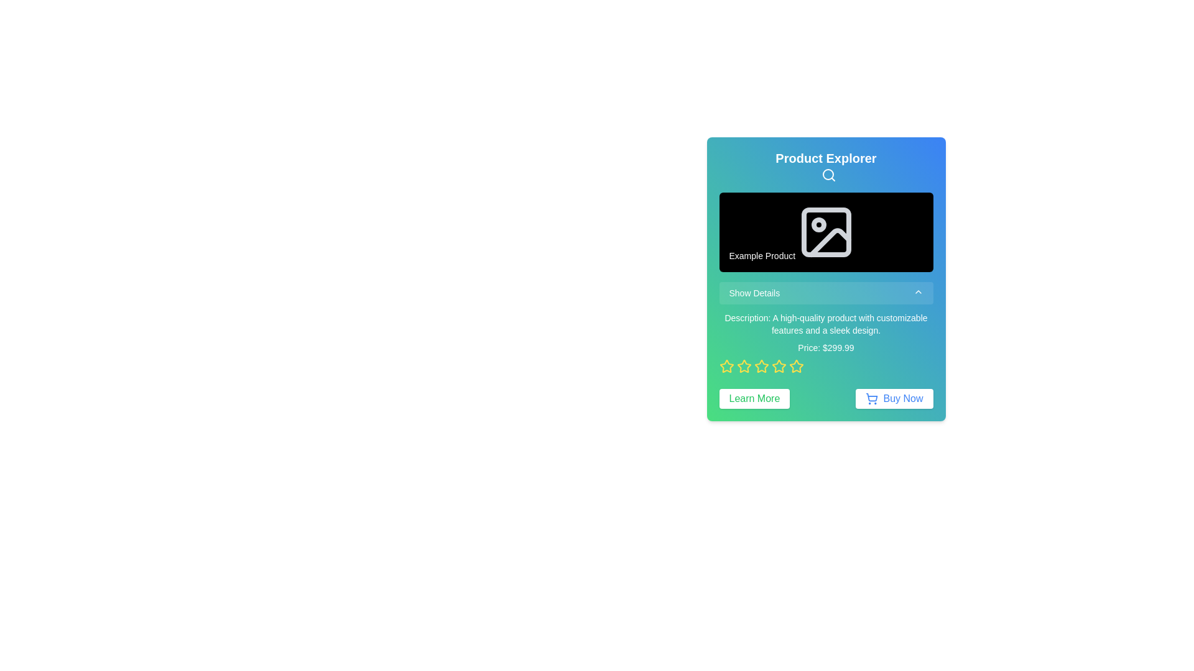  What do you see at coordinates (744, 365) in the screenshot?
I see `the second star-shaped Rating icon, which has a yellow outline and is located below the product description among four other similar stars` at bounding box center [744, 365].